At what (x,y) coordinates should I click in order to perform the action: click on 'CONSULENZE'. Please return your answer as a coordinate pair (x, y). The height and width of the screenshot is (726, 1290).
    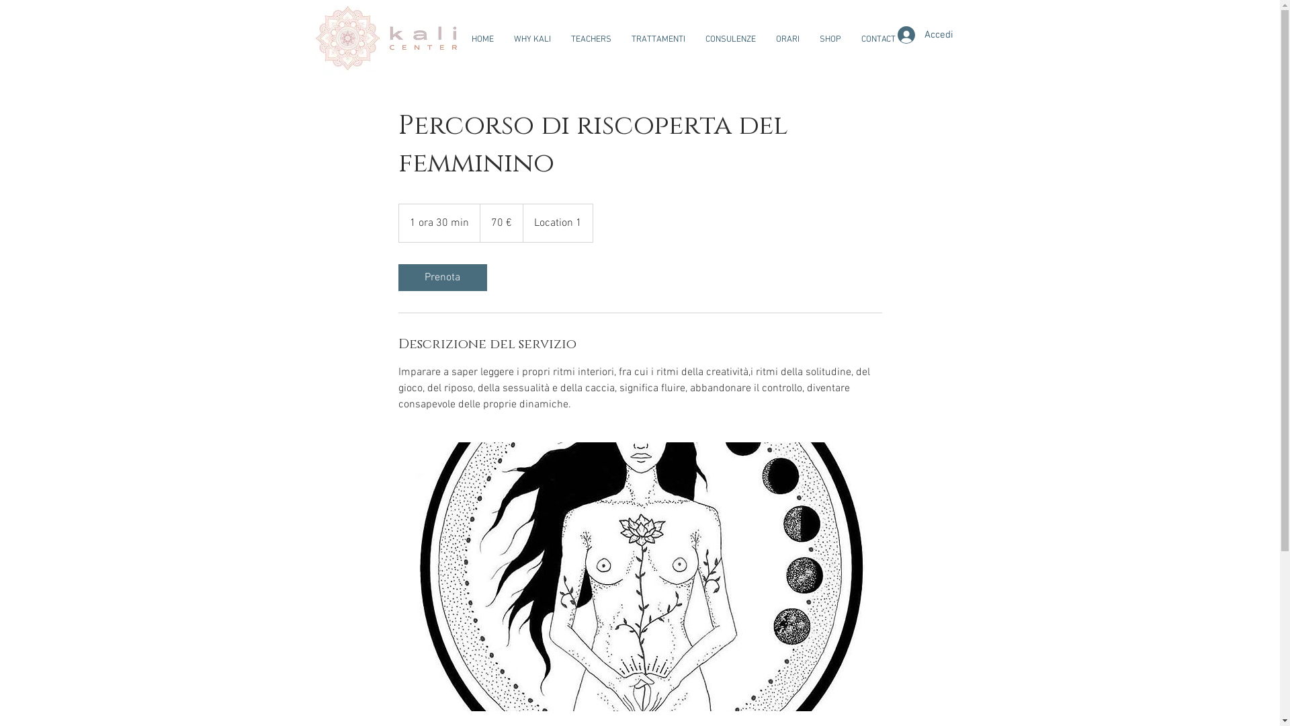
    Looking at the image, I should click on (694, 38).